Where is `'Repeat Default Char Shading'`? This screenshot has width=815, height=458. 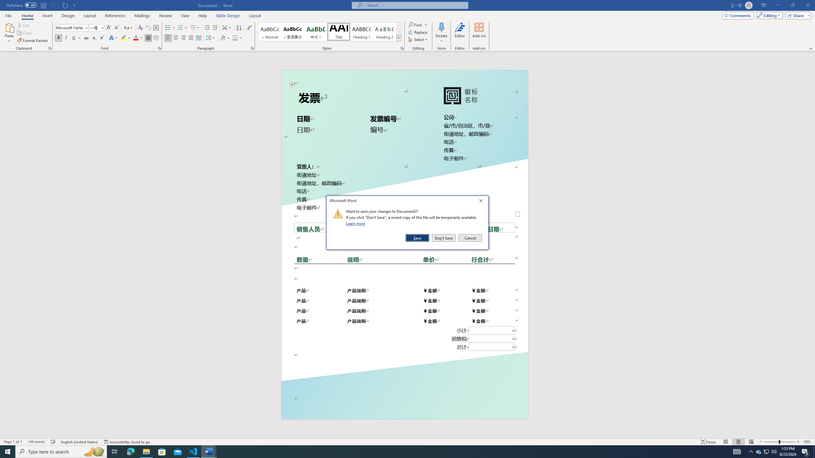 'Repeat Default Char Shading' is located at coordinates (65, 5).